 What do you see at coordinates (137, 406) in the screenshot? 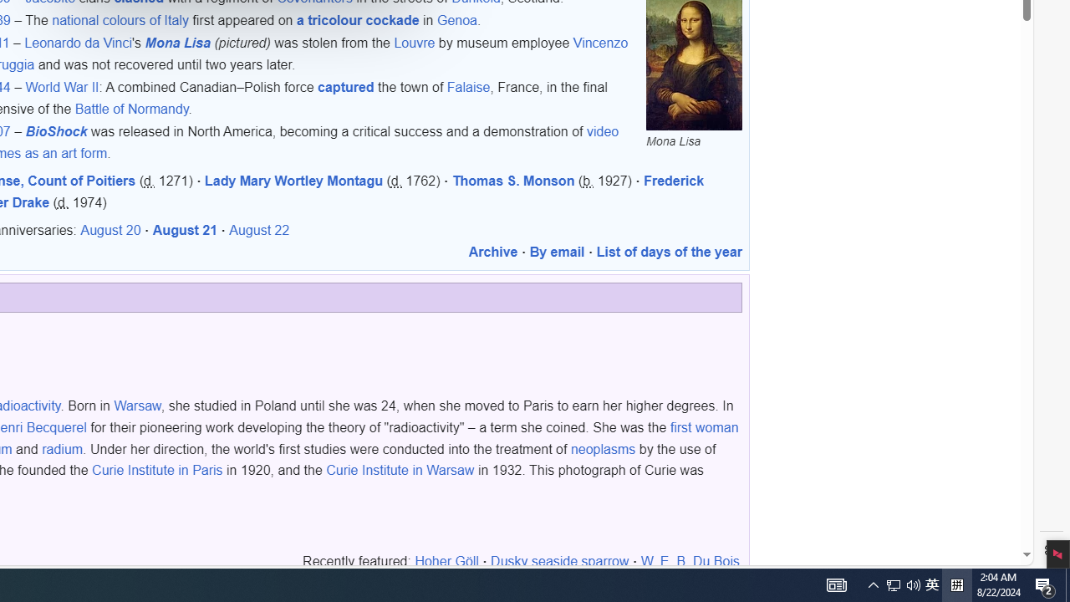
I see `'Warsaw'` at bounding box center [137, 406].